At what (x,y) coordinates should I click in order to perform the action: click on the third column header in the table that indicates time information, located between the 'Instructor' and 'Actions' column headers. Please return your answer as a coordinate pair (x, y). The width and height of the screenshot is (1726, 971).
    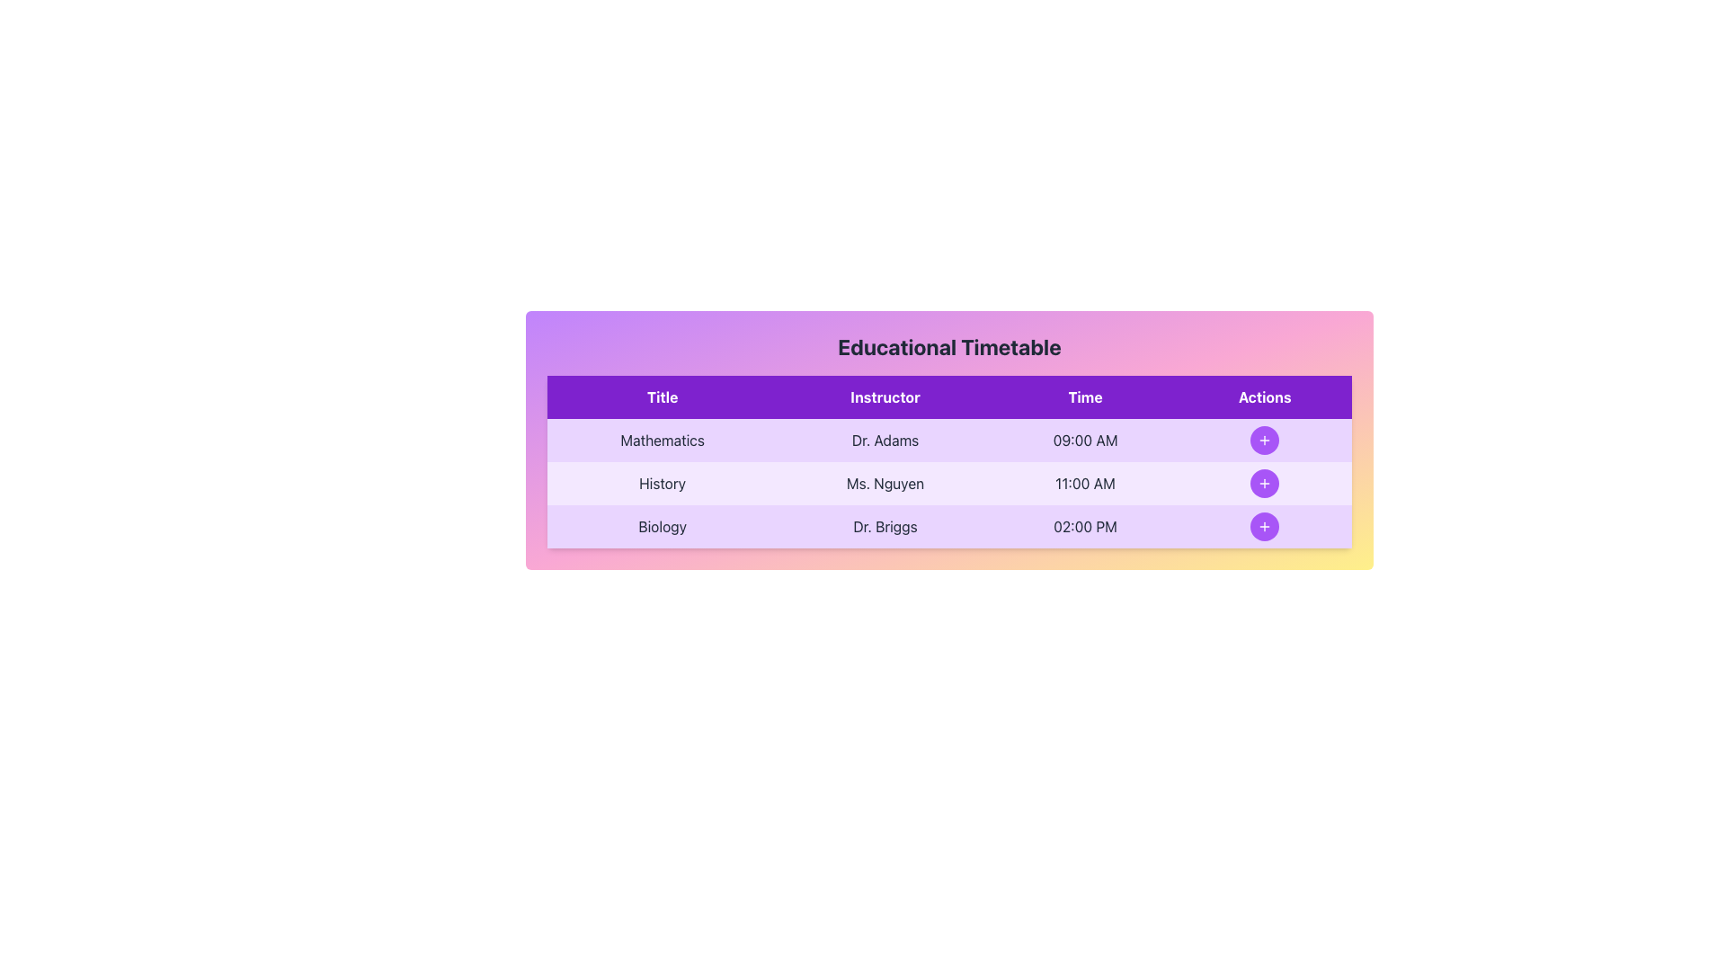
    Looking at the image, I should click on (1084, 396).